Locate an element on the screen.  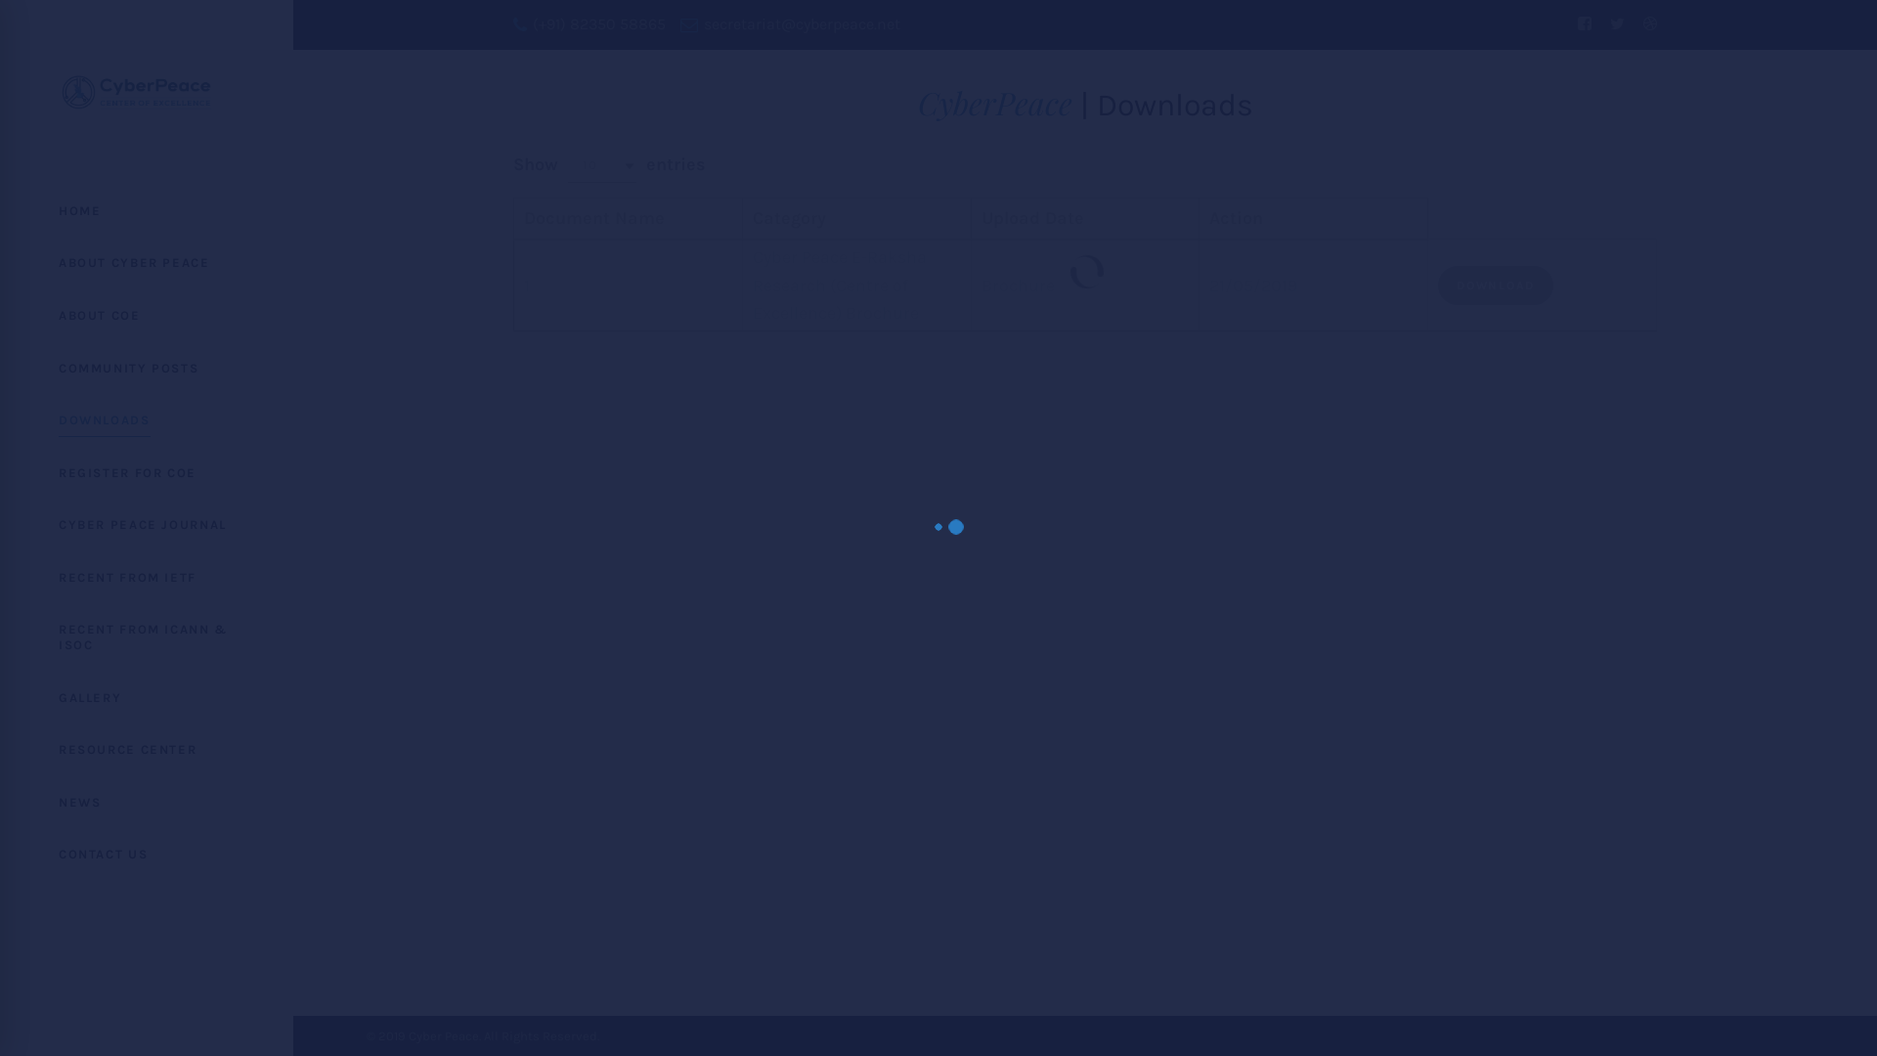
'DOWNLOAD' is located at coordinates (1437, 283).